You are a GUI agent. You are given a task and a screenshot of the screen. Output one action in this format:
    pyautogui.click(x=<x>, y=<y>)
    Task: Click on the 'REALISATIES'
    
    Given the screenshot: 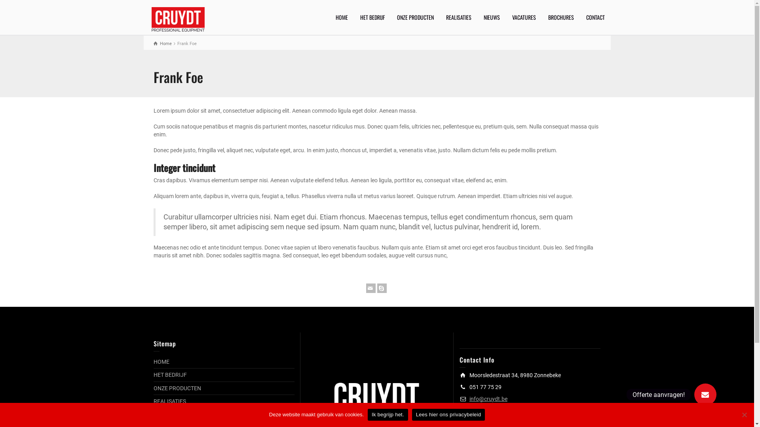 What is the action you would take?
    pyautogui.click(x=169, y=401)
    